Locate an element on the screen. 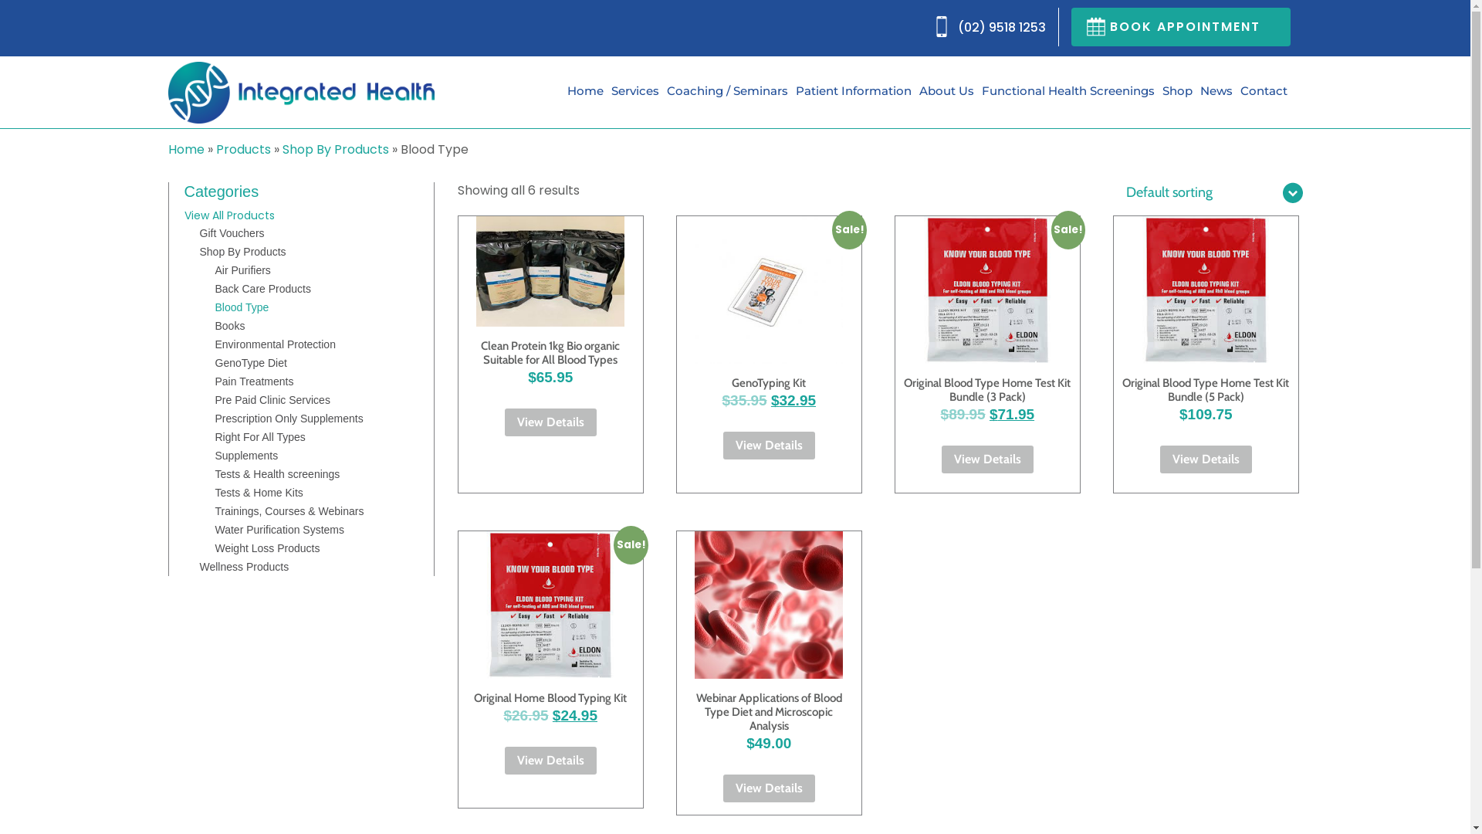 The width and height of the screenshot is (1482, 834). 'Patient Information' is located at coordinates (851, 91).